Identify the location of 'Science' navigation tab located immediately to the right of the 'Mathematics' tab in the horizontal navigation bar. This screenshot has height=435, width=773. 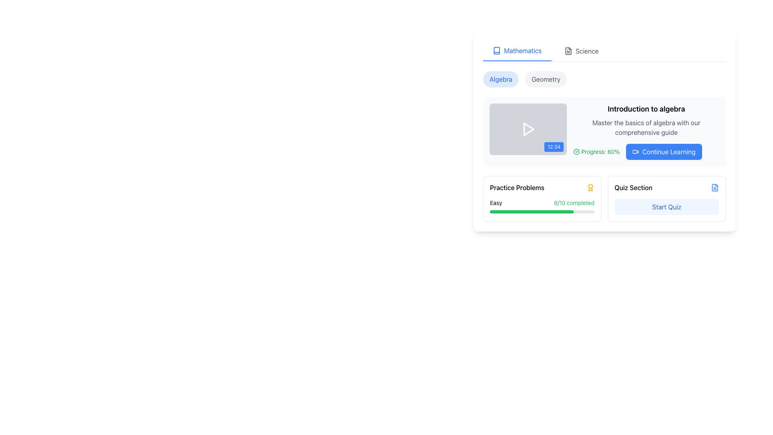
(581, 51).